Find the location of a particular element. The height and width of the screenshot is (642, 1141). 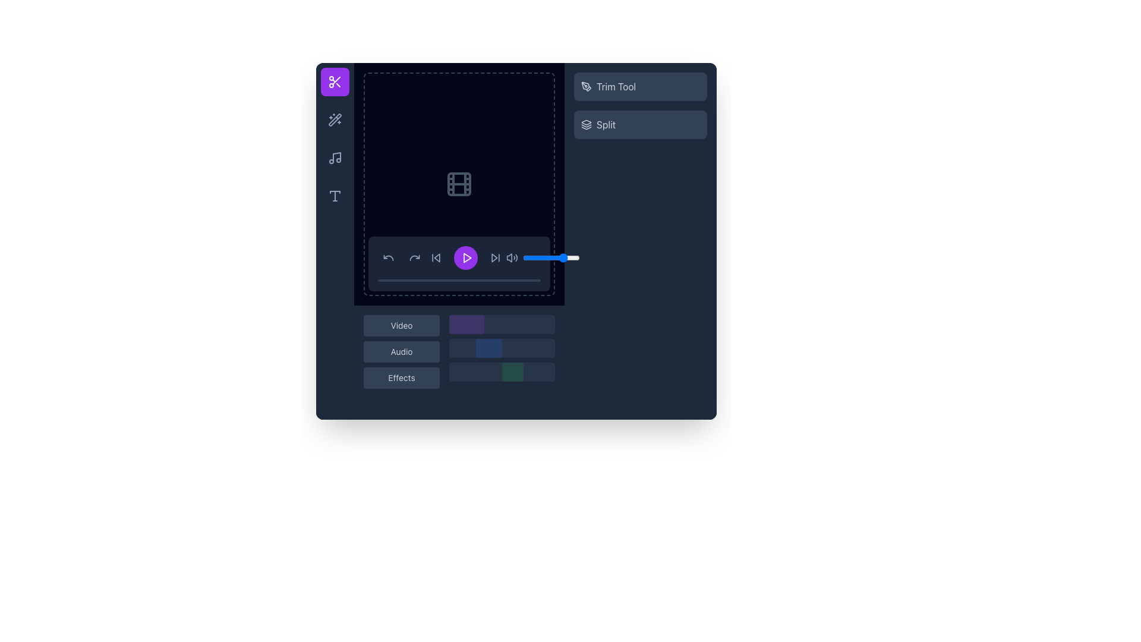

the slider value is located at coordinates (565, 257).